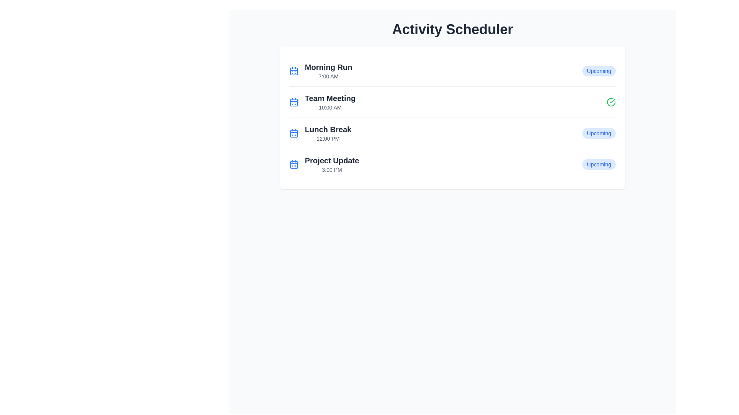  I want to click on displayed text 'Morning Run' with the subtitle '7:00 AM' from the text display positioned at the top of the activity schedule, so click(328, 71).